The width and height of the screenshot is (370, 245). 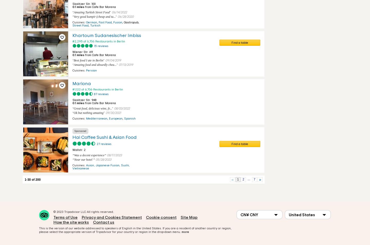 What do you see at coordinates (118, 64) in the screenshot?
I see `'07/13/2019'` at bounding box center [118, 64].